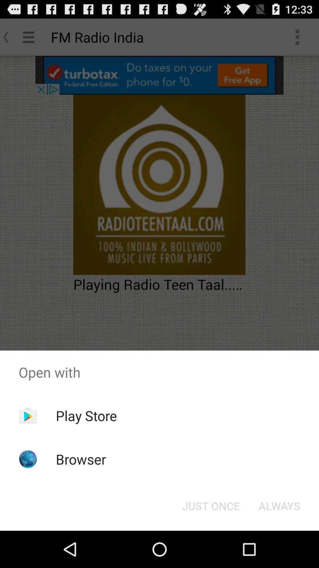  Describe the element at coordinates (211, 505) in the screenshot. I see `just once icon` at that location.